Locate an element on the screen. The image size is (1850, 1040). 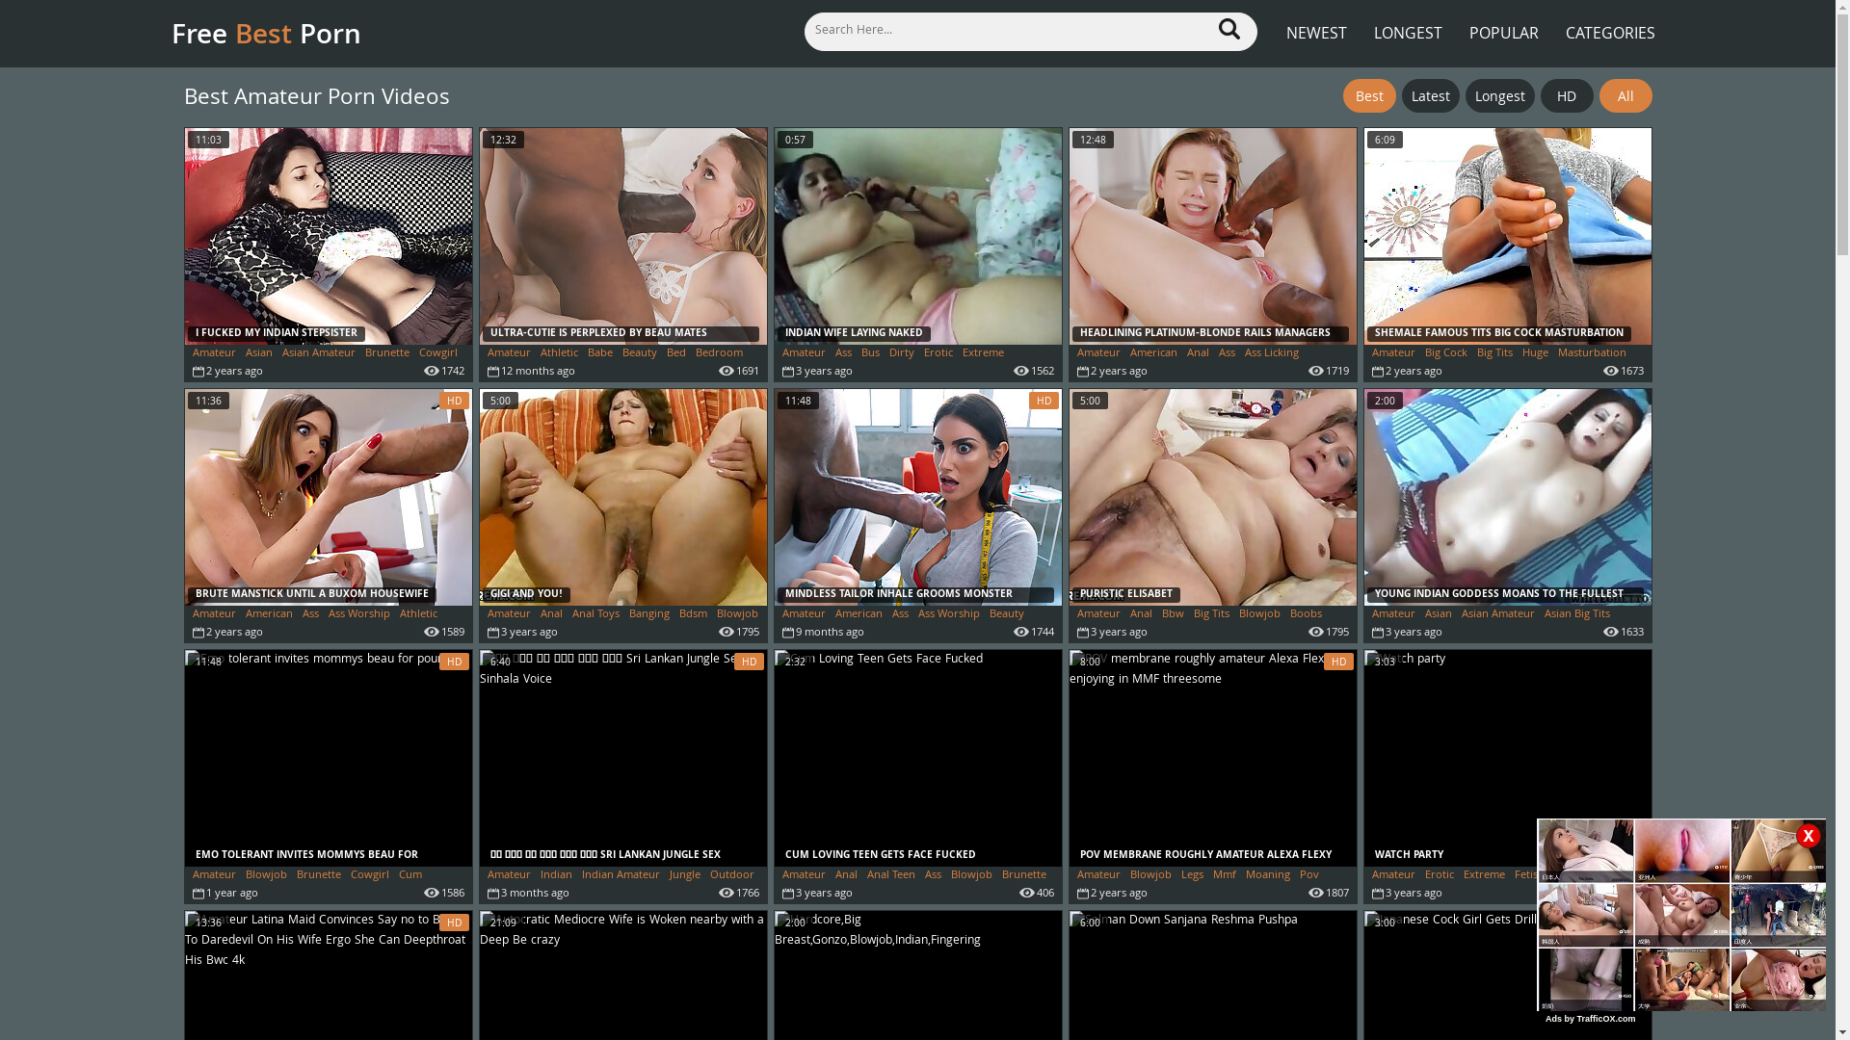
'Ass To Mouth' is located at coordinates (1110, 370).